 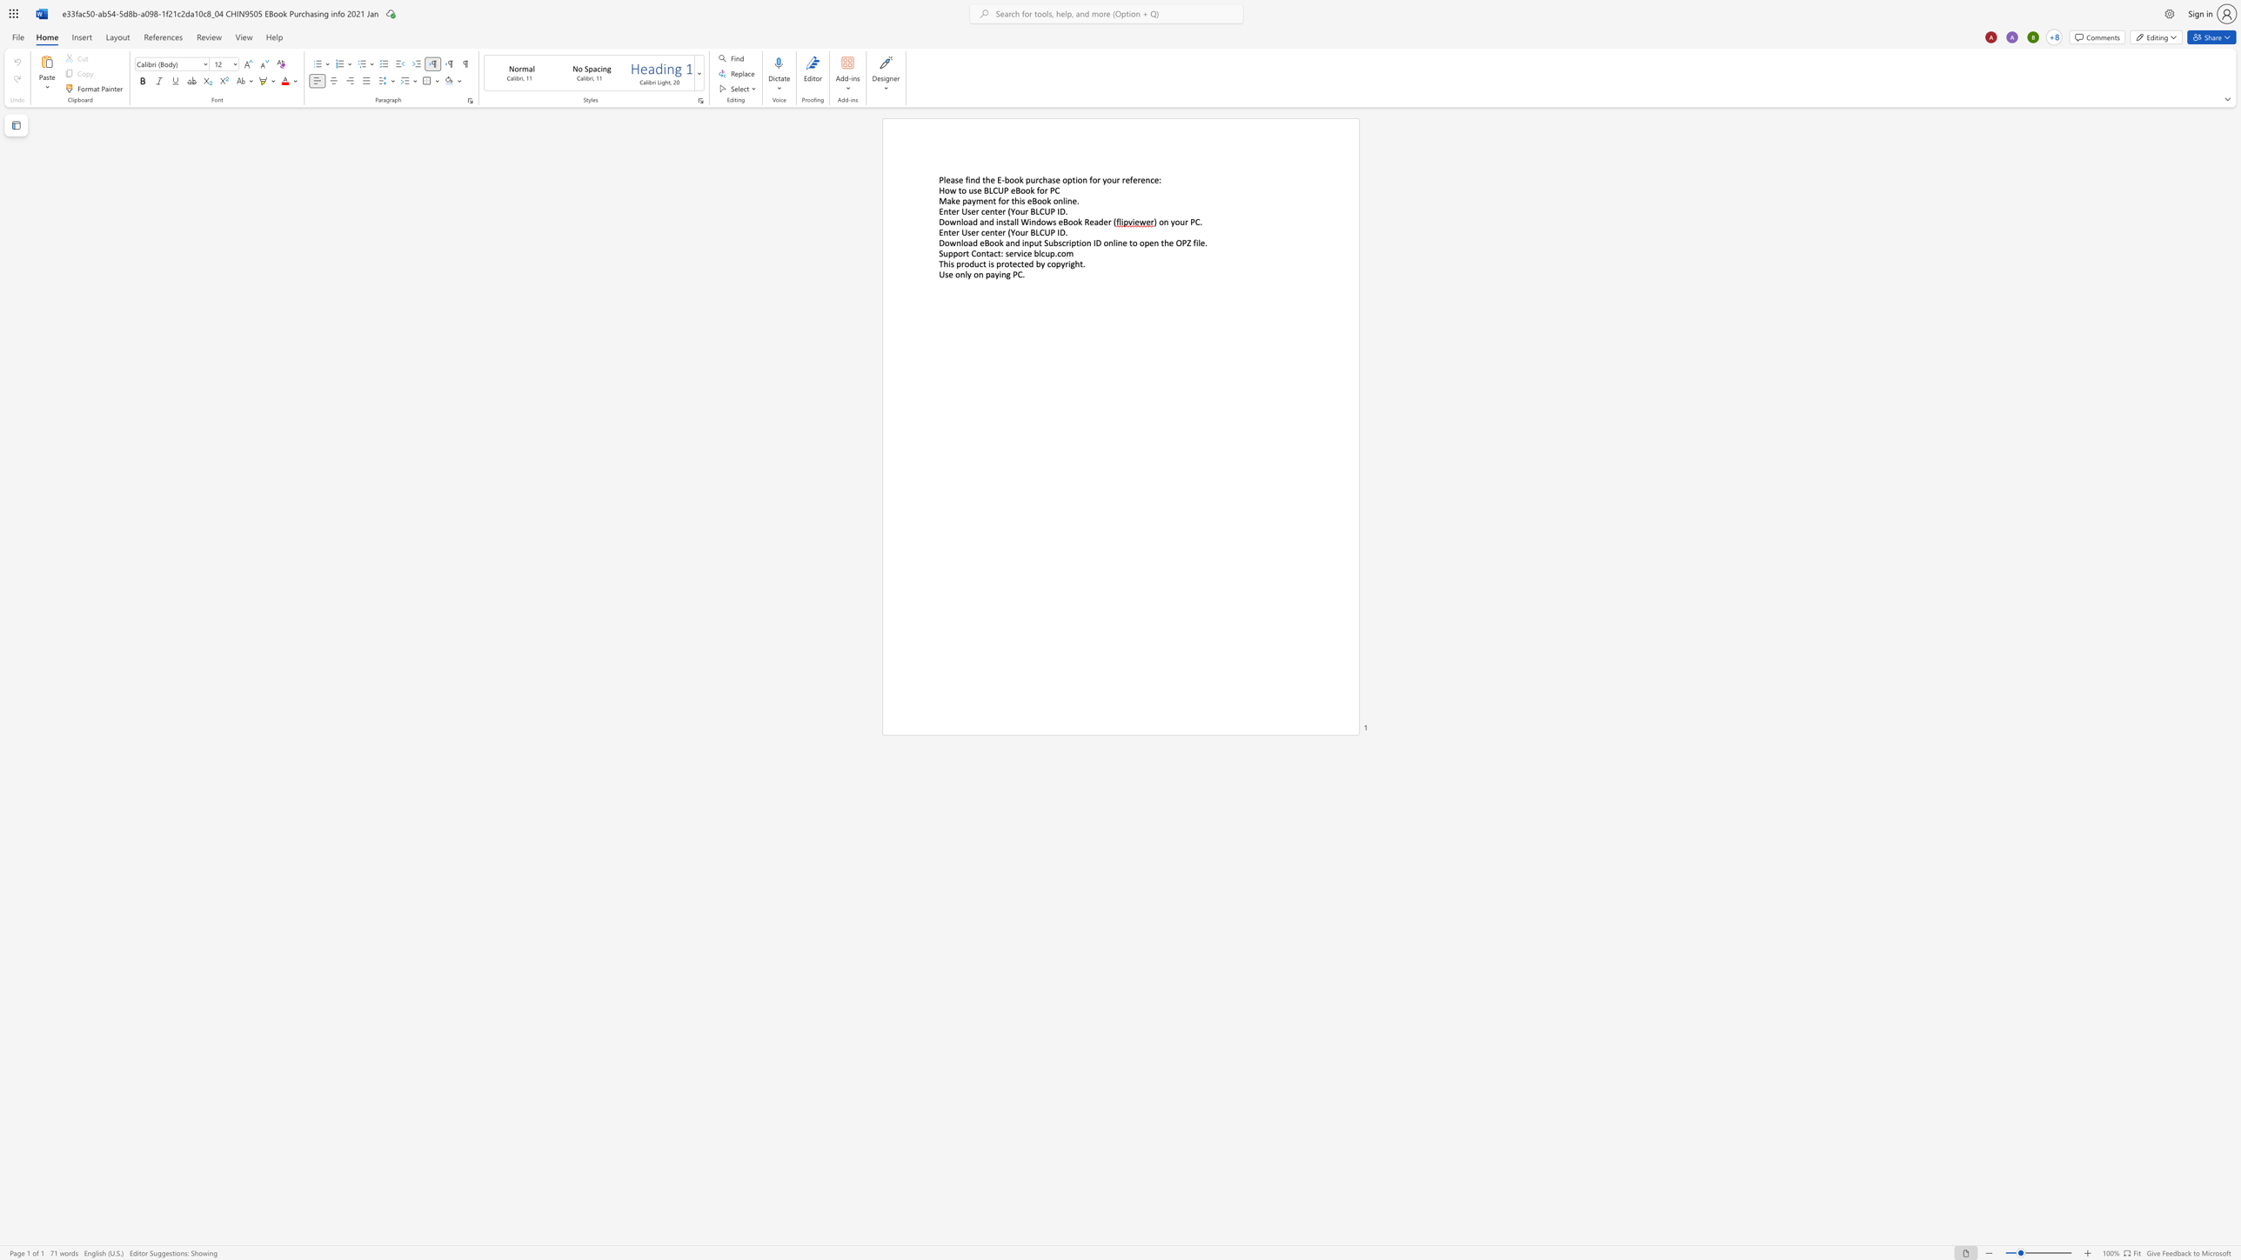 What do you see at coordinates (1176, 222) in the screenshot?
I see `the 2th character "o" in the text` at bounding box center [1176, 222].